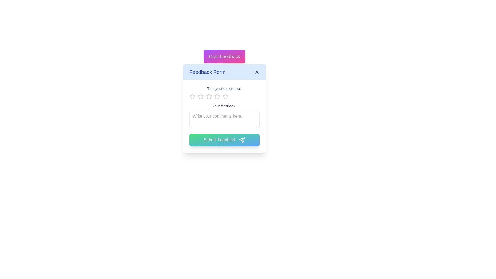 The height and width of the screenshot is (279, 496). I want to click on the paper plane SVG icon located on the right edge of the 'Submit Feedback' button, so click(242, 140).